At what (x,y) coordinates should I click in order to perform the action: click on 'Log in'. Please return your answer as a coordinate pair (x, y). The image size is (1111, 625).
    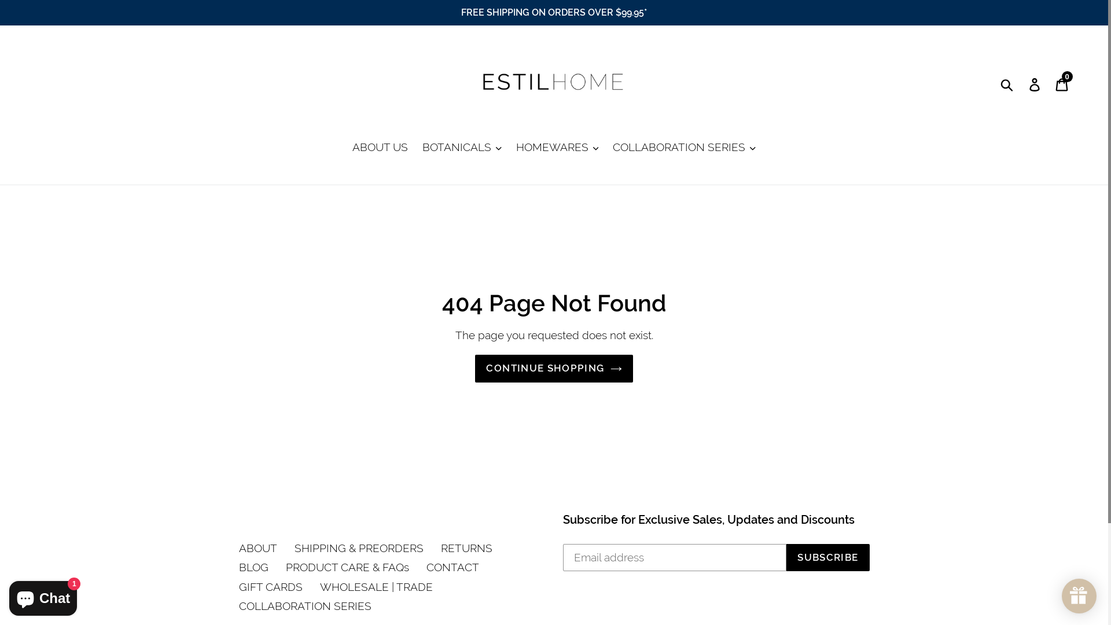
    Looking at the image, I should click on (1035, 83).